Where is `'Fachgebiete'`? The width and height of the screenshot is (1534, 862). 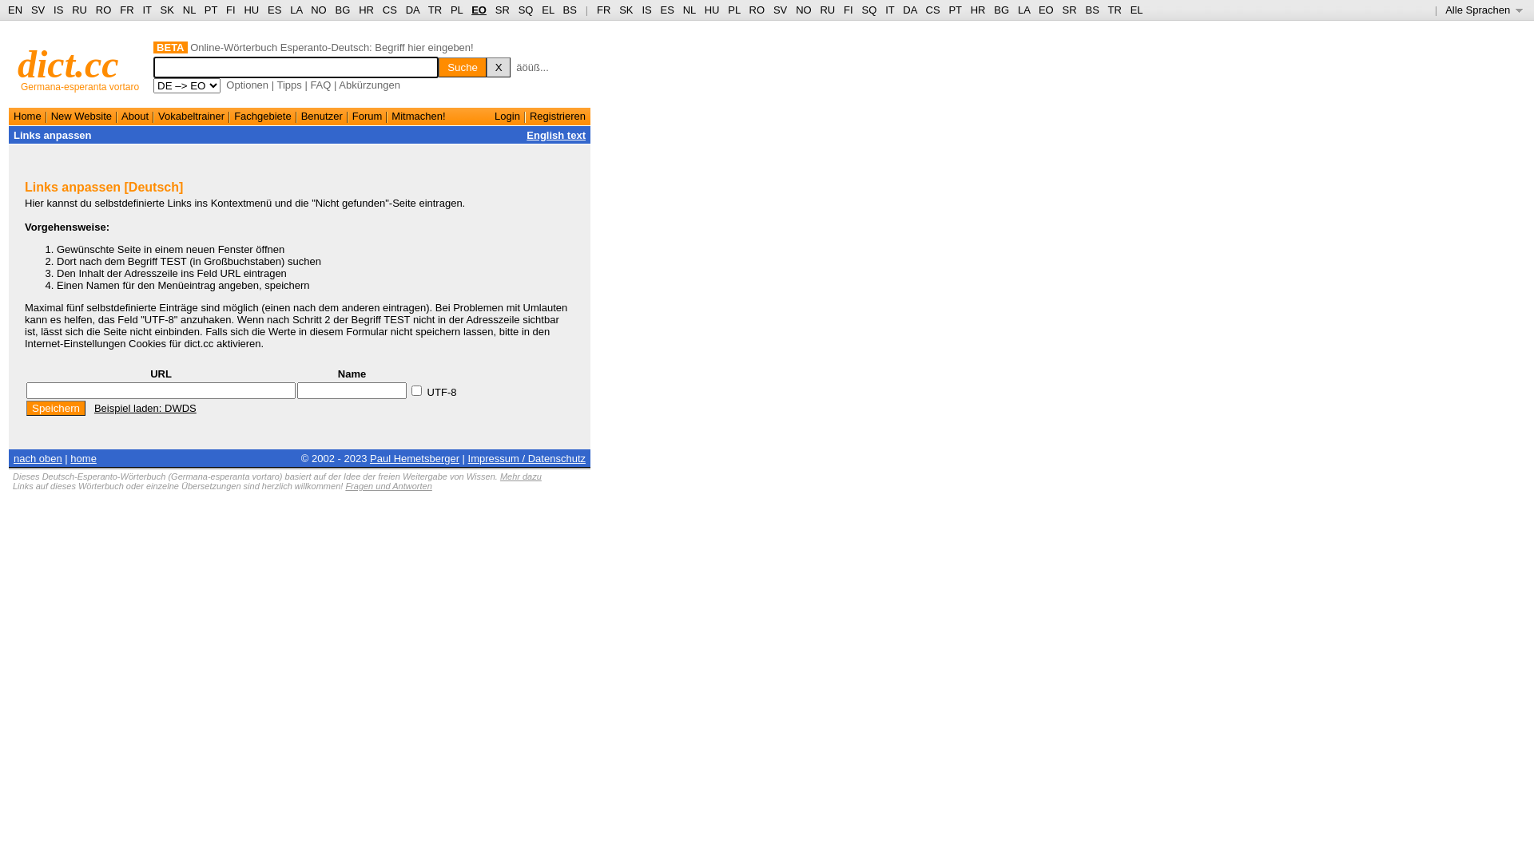 'Fachgebiete' is located at coordinates (263, 115).